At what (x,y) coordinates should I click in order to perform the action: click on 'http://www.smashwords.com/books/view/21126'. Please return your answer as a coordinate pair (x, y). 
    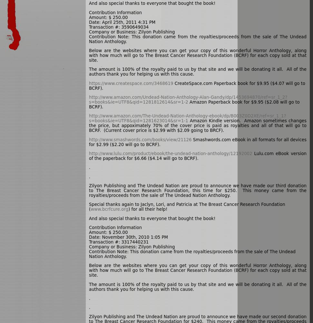
    Looking at the image, I should click on (140, 139).